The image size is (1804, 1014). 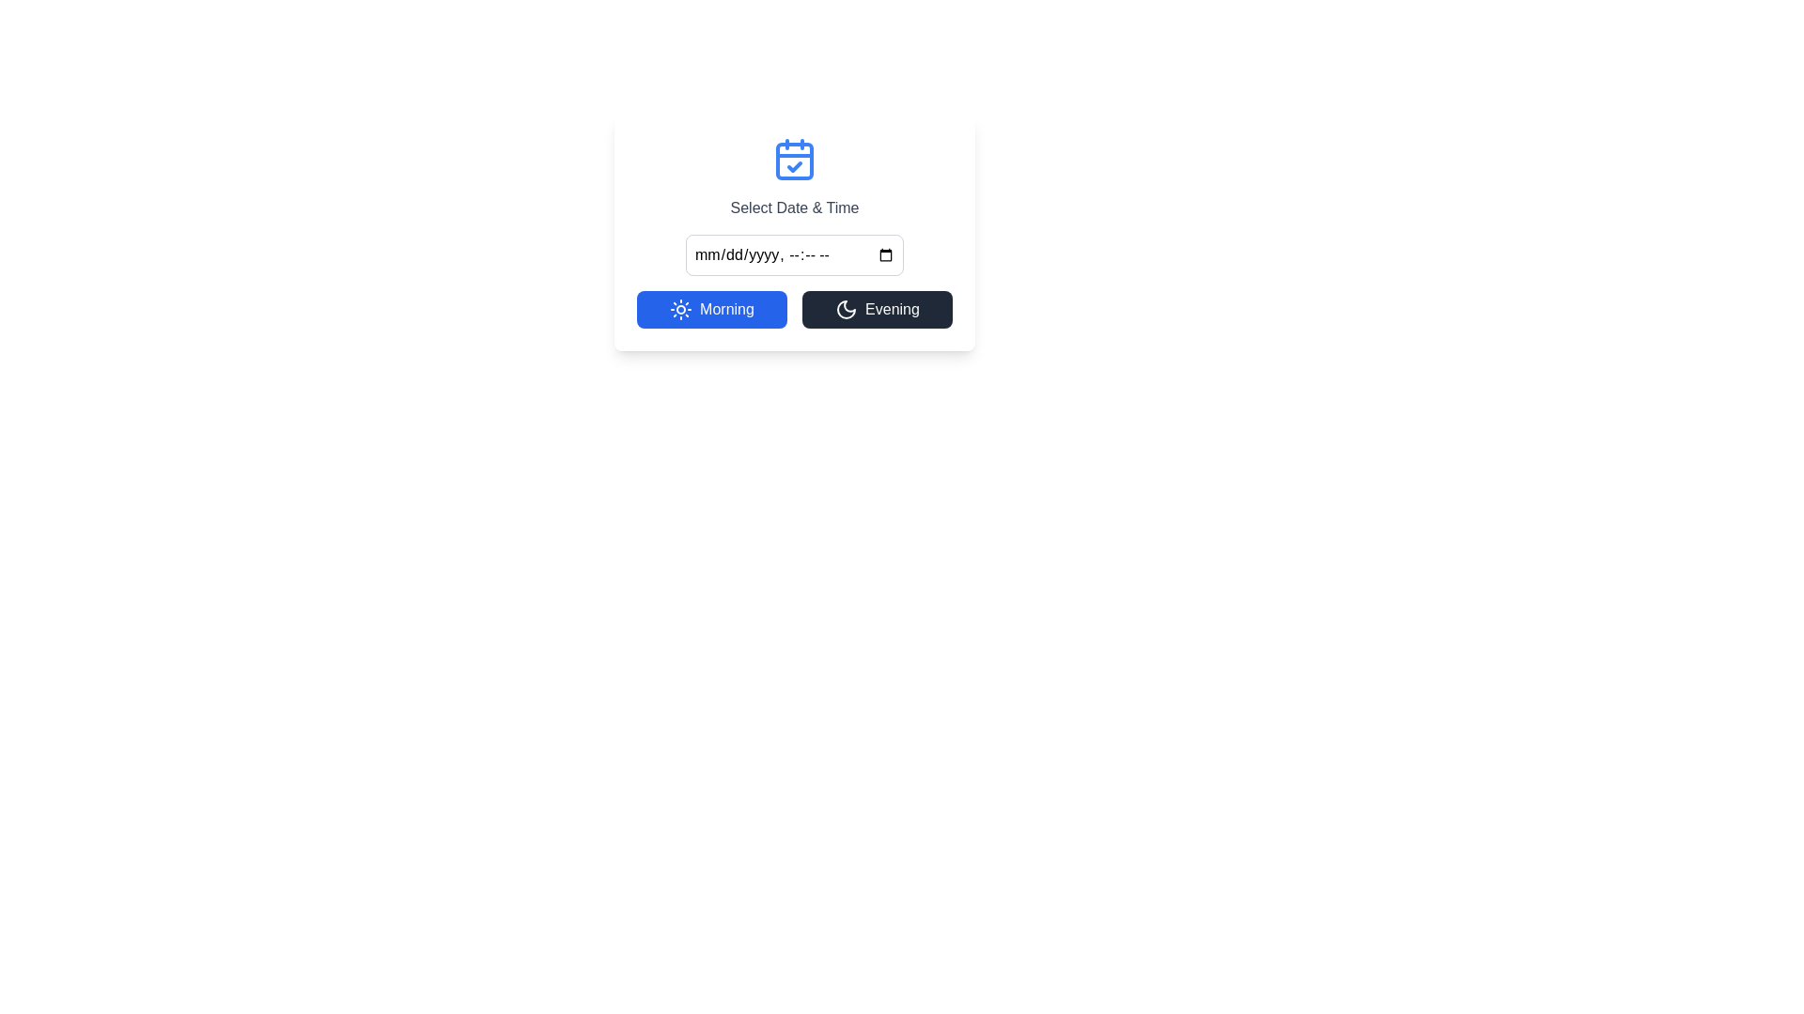 I want to click on the 'Evening' button, which is located to the right of the 'Morning' button and serves as a toggle for the evening time slot, so click(x=877, y=309).